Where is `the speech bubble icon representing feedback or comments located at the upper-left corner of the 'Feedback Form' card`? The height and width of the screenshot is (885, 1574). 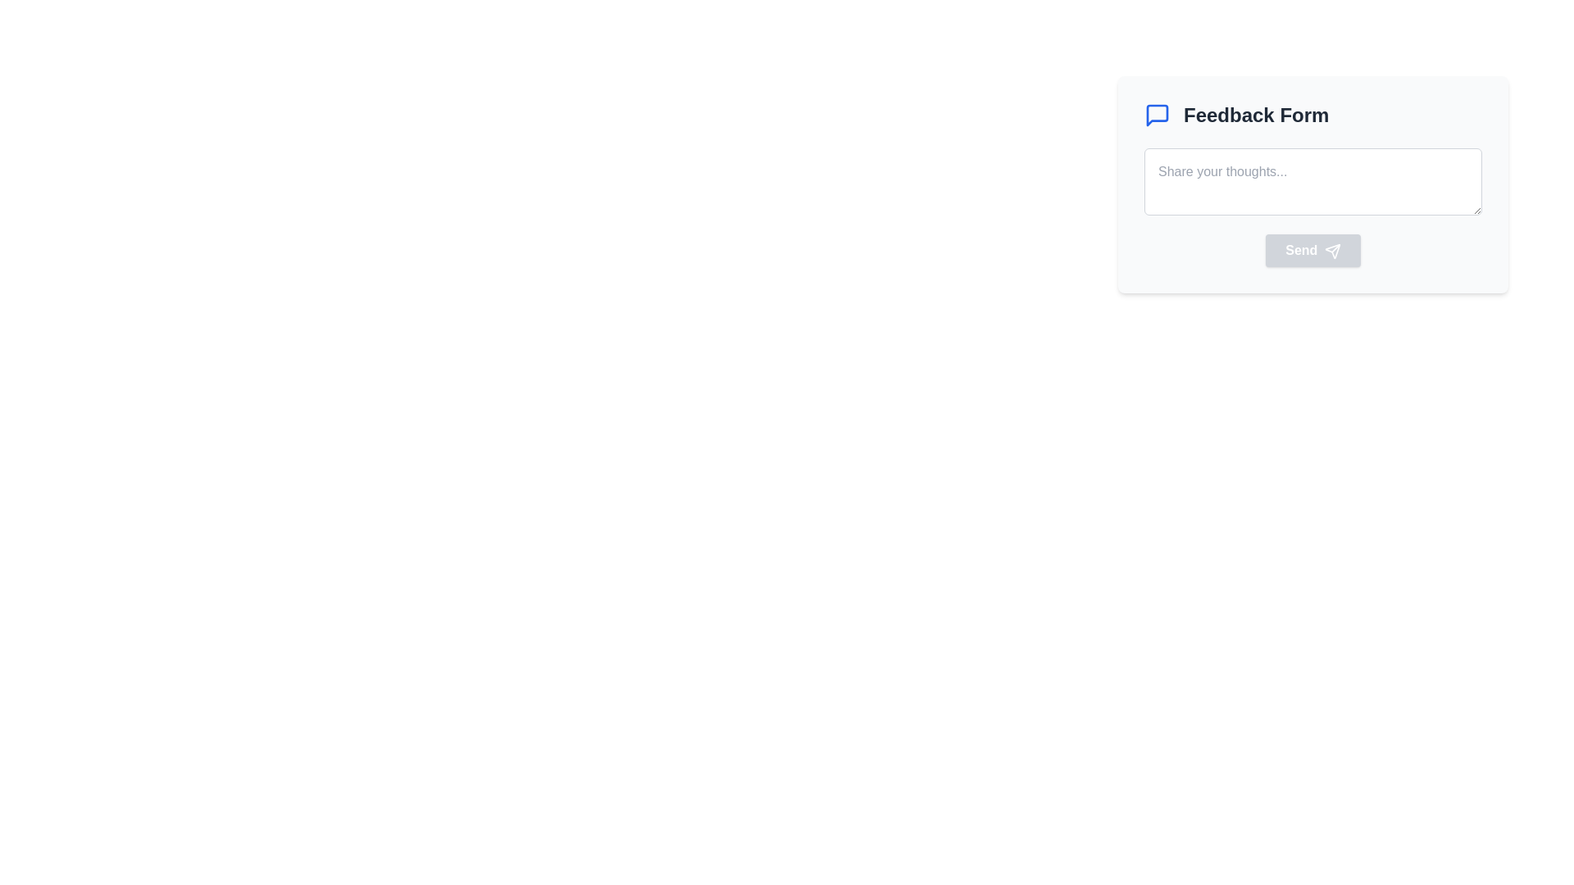 the speech bubble icon representing feedback or comments located at the upper-left corner of the 'Feedback Form' card is located at coordinates (1156, 115).